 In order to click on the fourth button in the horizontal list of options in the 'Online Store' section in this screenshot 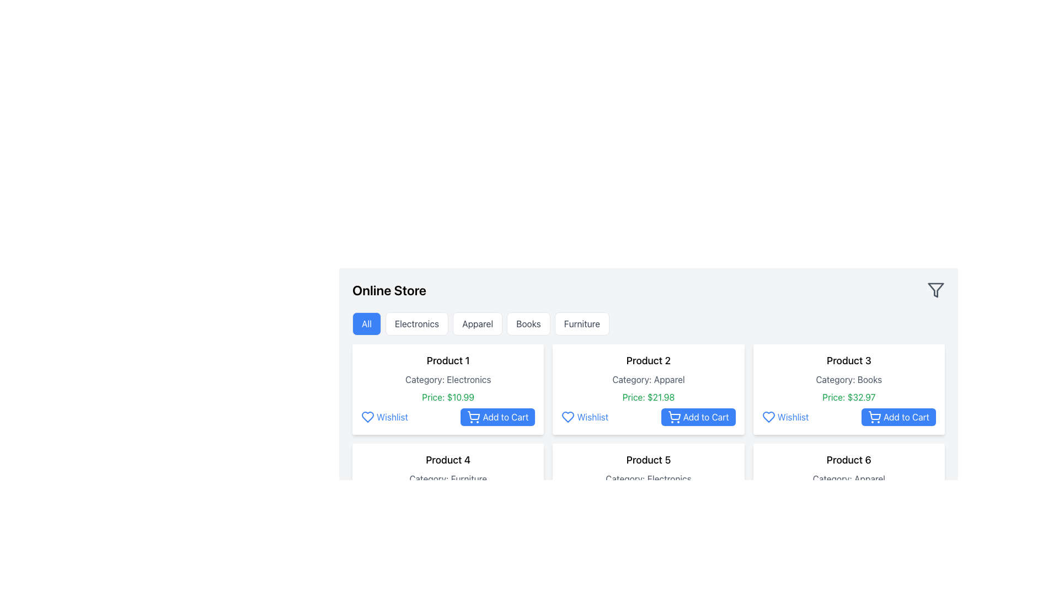, I will do `click(528, 323)`.